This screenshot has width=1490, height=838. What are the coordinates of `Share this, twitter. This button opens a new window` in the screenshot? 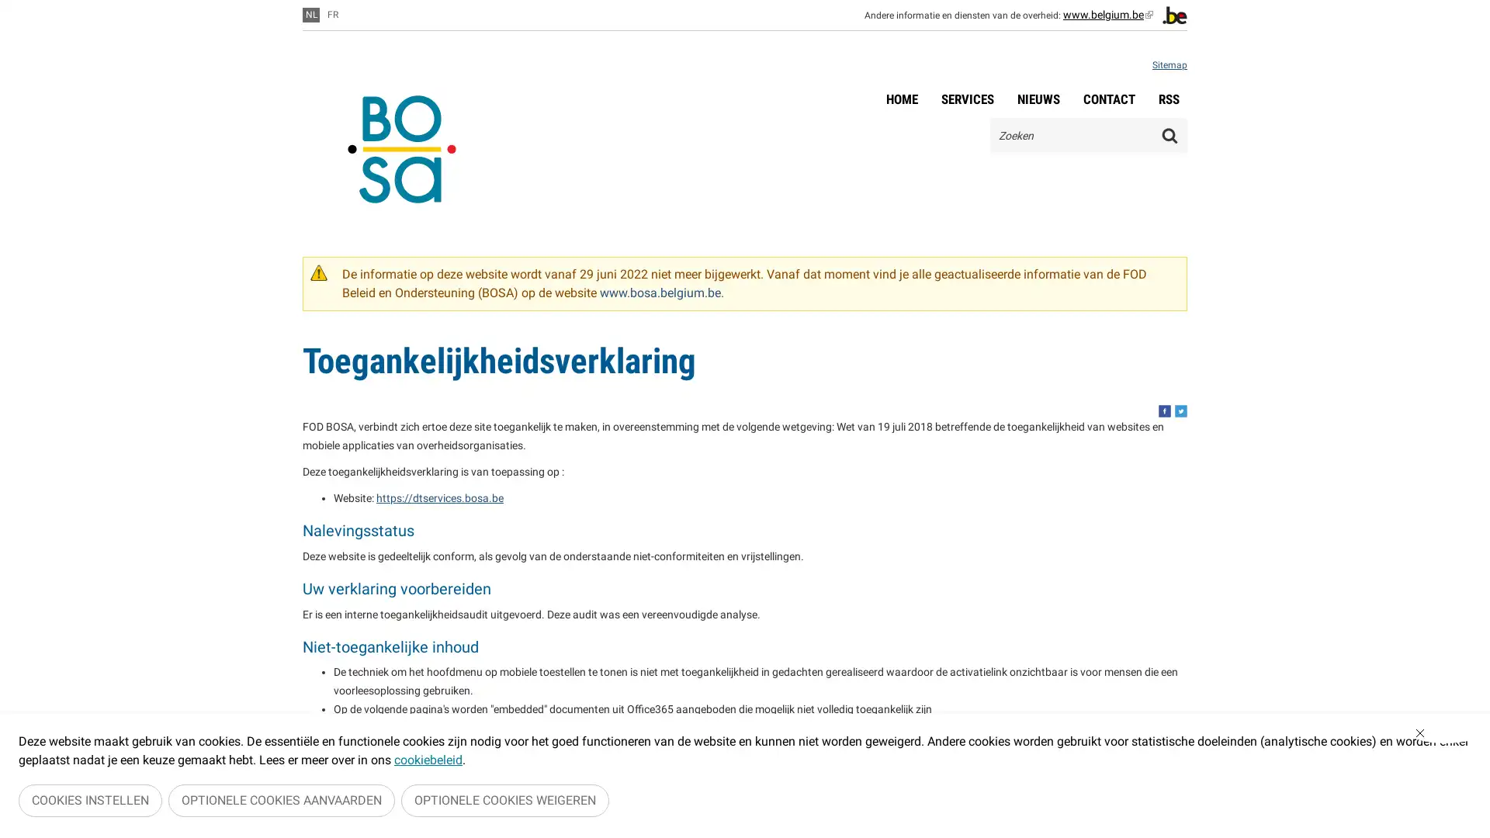 It's located at (1180, 410).